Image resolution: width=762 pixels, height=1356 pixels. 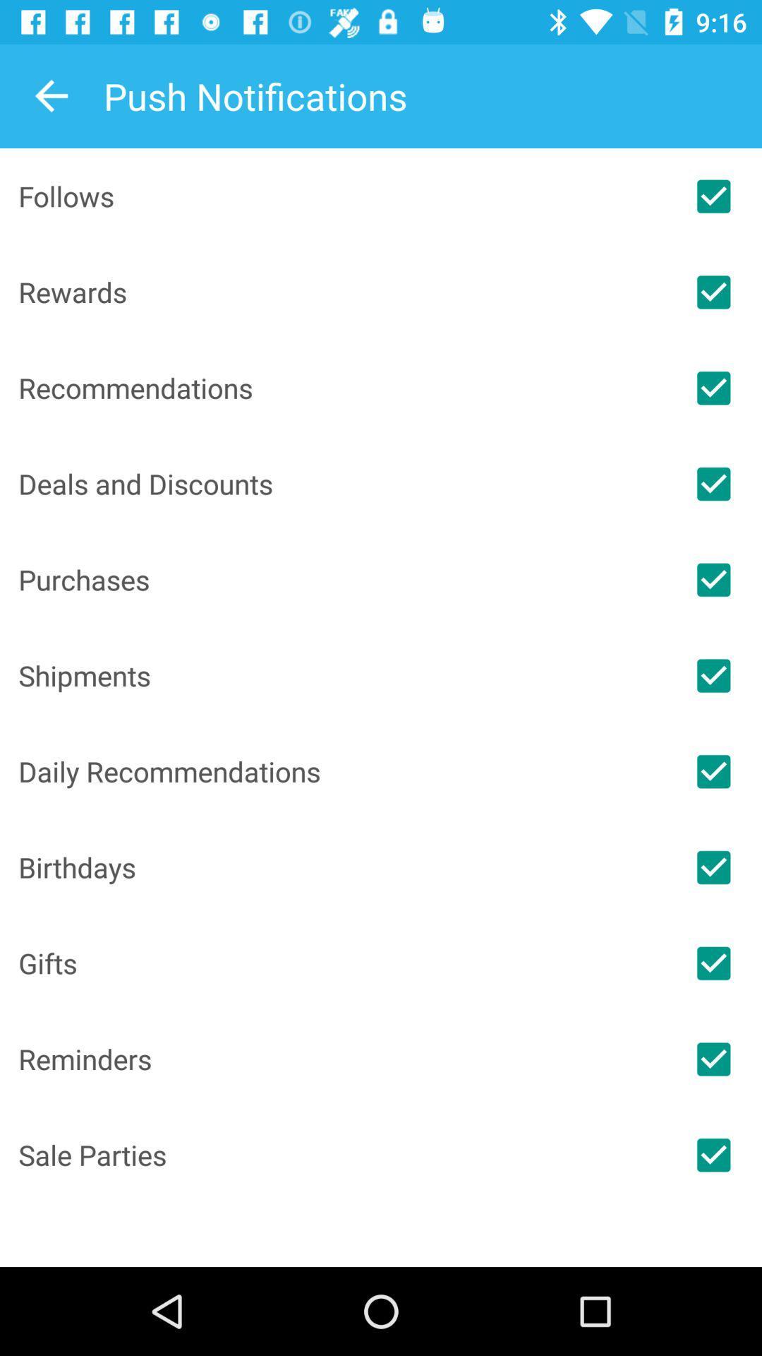 What do you see at coordinates (341, 579) in the screenshot?
I see `the icon below the deals and discounts icon` at bounding box center [341, 579].